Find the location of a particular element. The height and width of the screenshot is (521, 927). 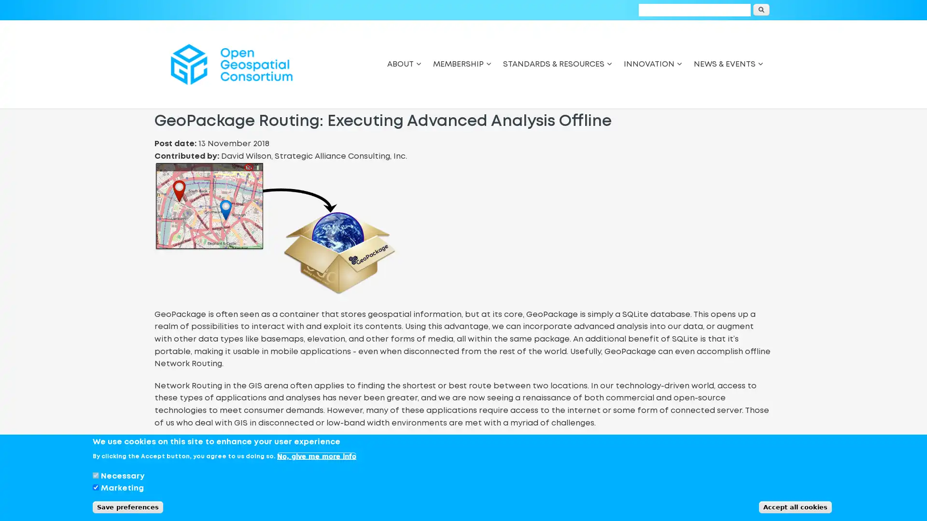

Save preferences is located at coordinates (127, 507).